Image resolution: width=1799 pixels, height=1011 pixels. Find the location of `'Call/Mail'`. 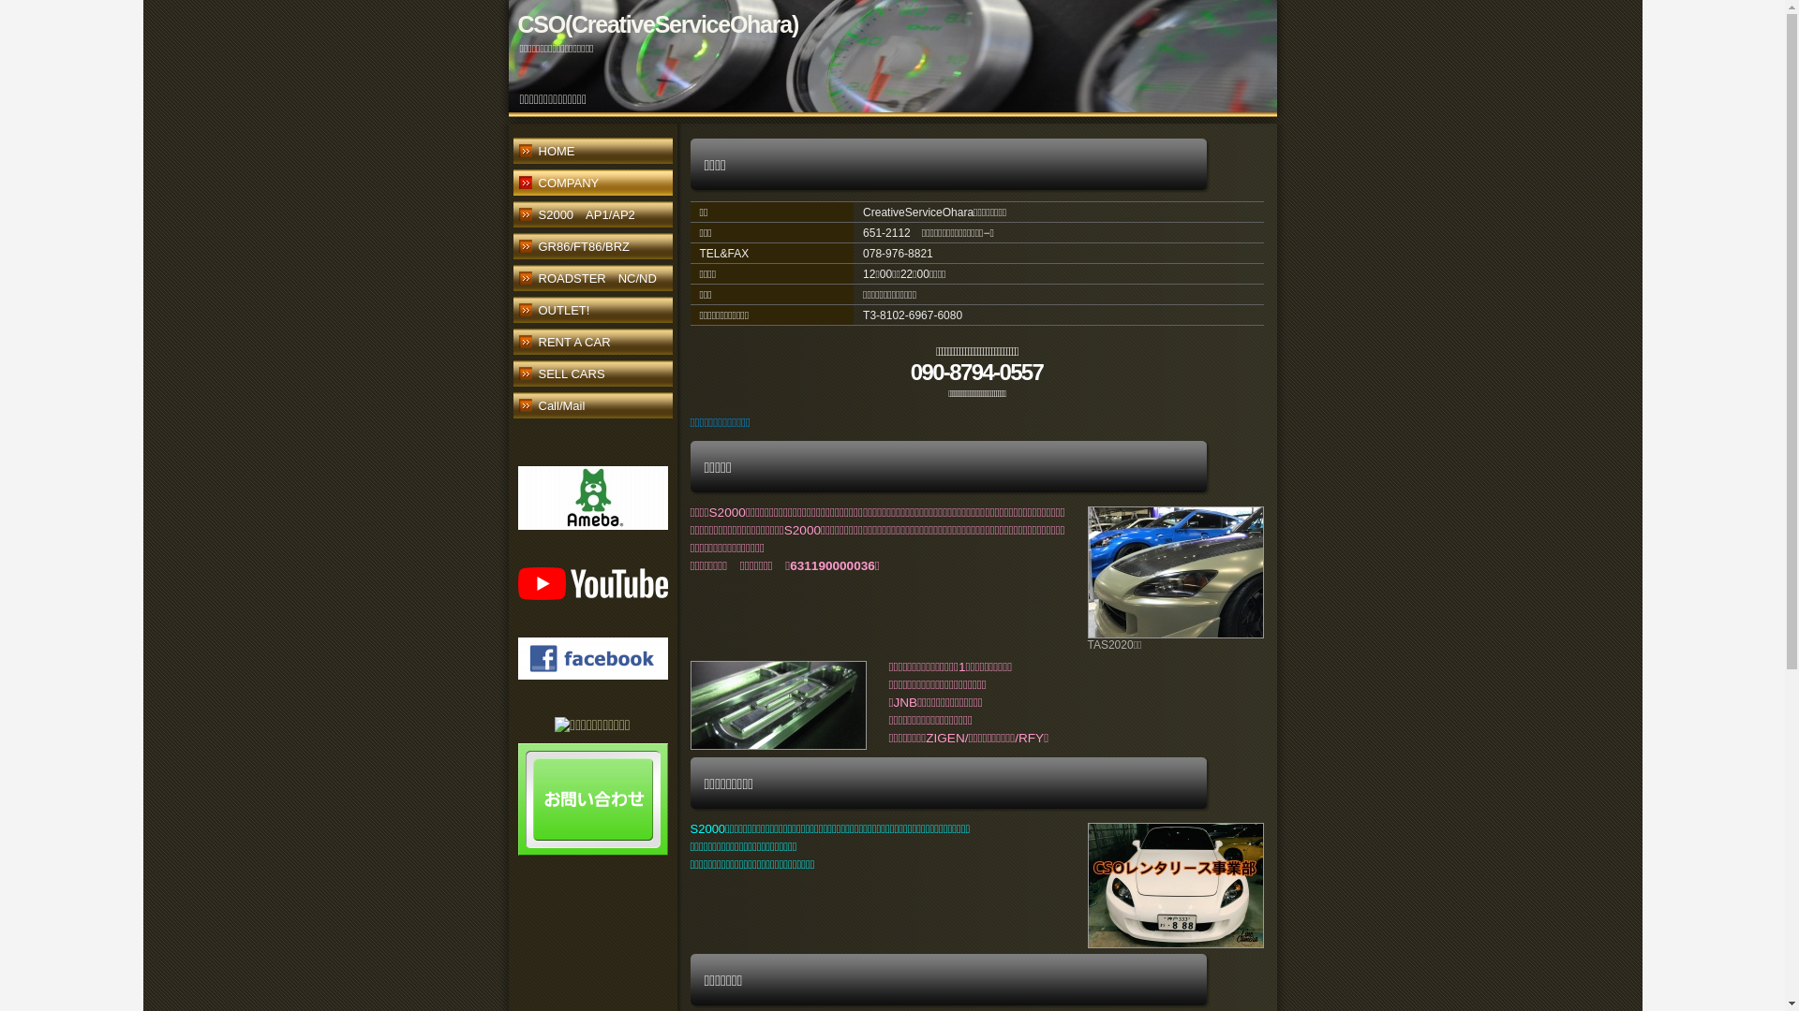

'Call/Mail' is located at coordinates (591, 406).